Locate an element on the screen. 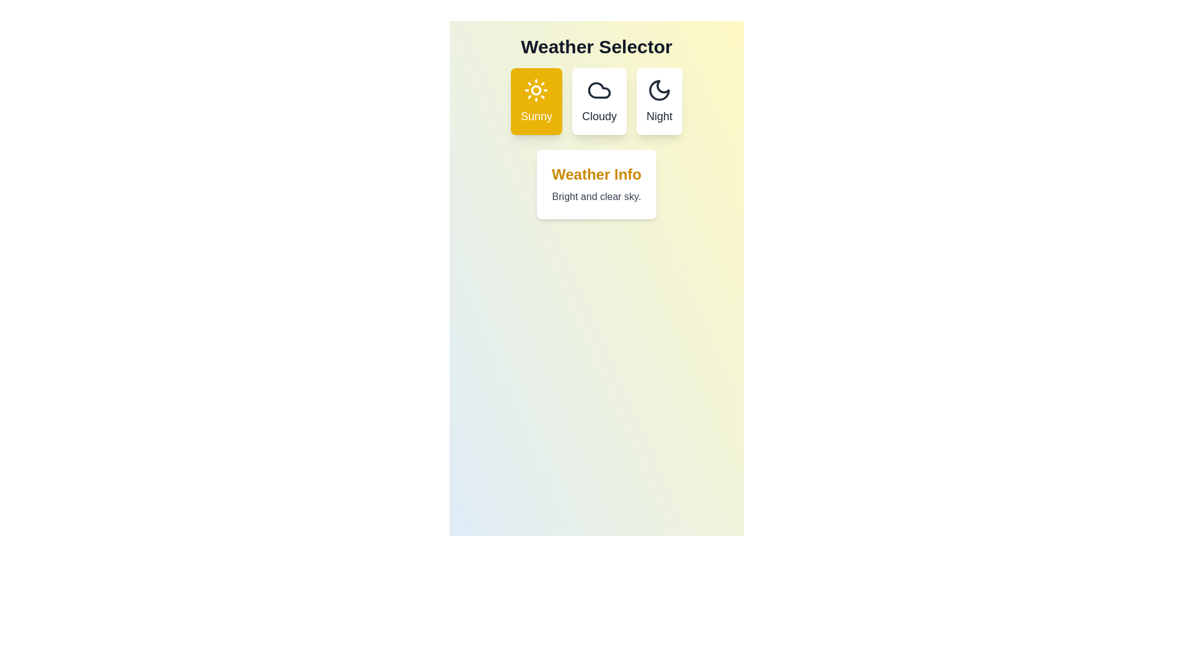  the weather button corresponding to Night to observe the animation effect is located at coordinates (659, 101).